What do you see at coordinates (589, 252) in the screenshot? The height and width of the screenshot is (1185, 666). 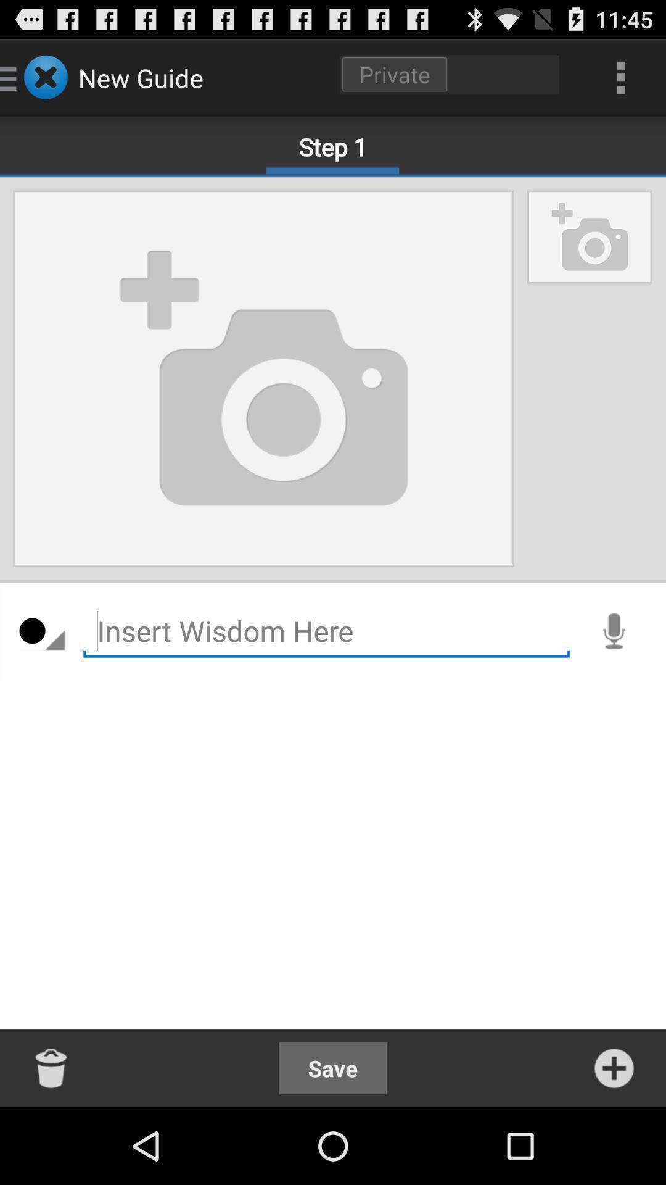 I see `the photo icon` at bounding box center [589, 252].